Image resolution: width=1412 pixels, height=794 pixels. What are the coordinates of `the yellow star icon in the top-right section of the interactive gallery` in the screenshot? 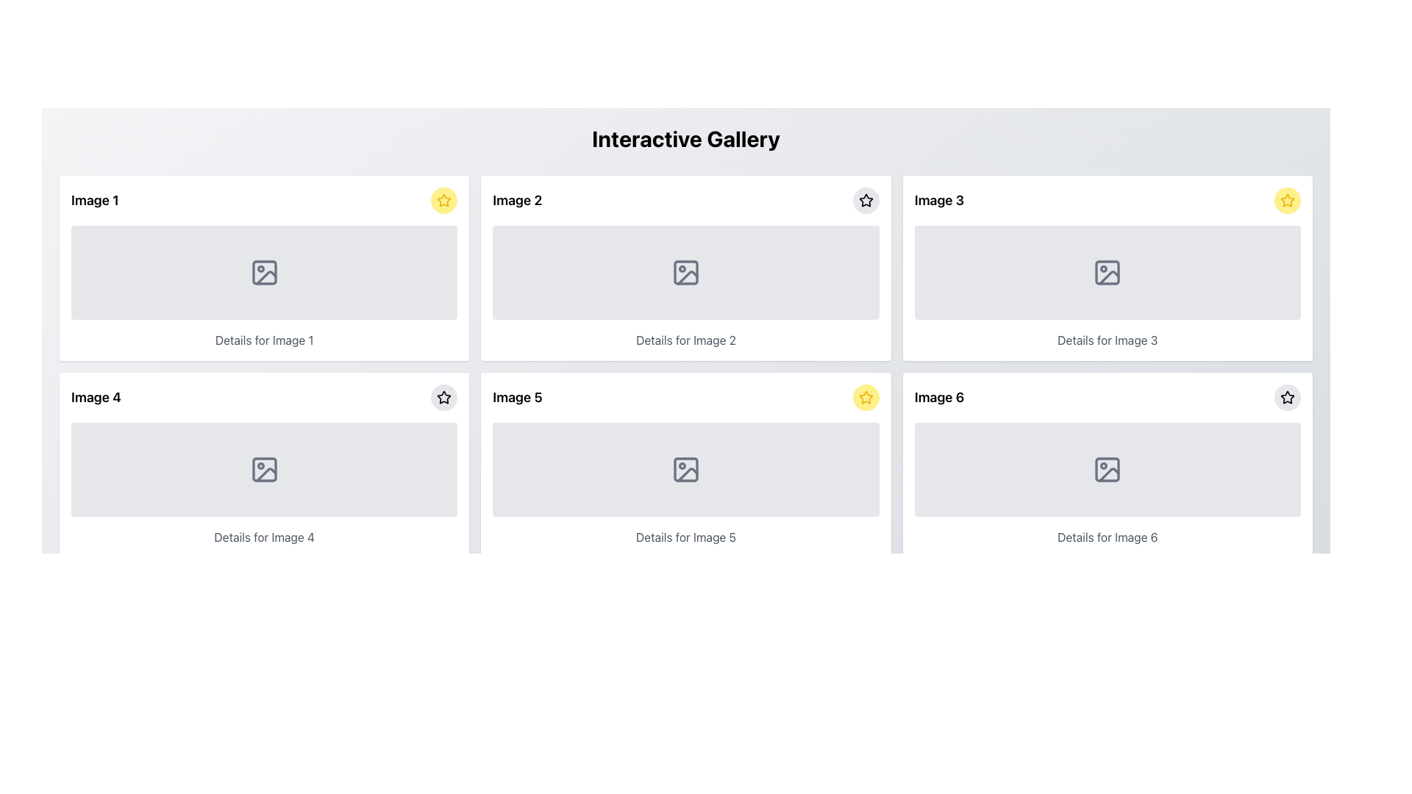 It's located at (1287, 201).